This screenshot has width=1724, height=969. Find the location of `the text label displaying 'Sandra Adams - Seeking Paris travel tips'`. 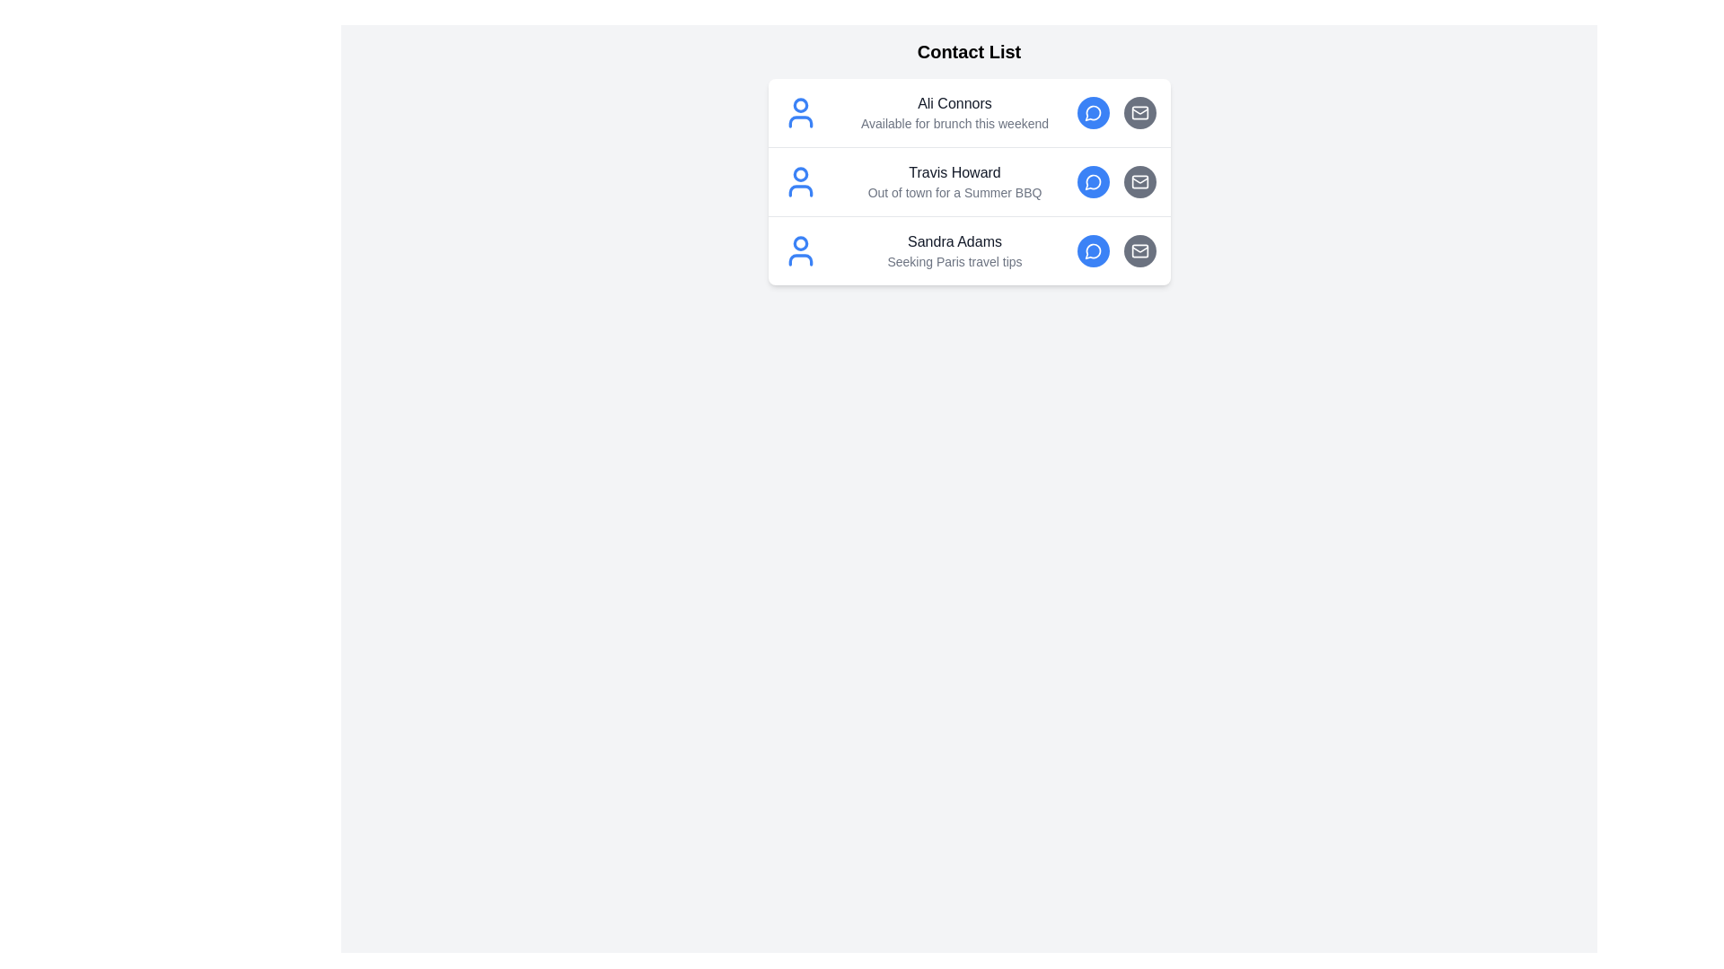

the text label displaying 'Sandra Adams - Seeking Paris travel tips' is located at coordinates (954, 242).